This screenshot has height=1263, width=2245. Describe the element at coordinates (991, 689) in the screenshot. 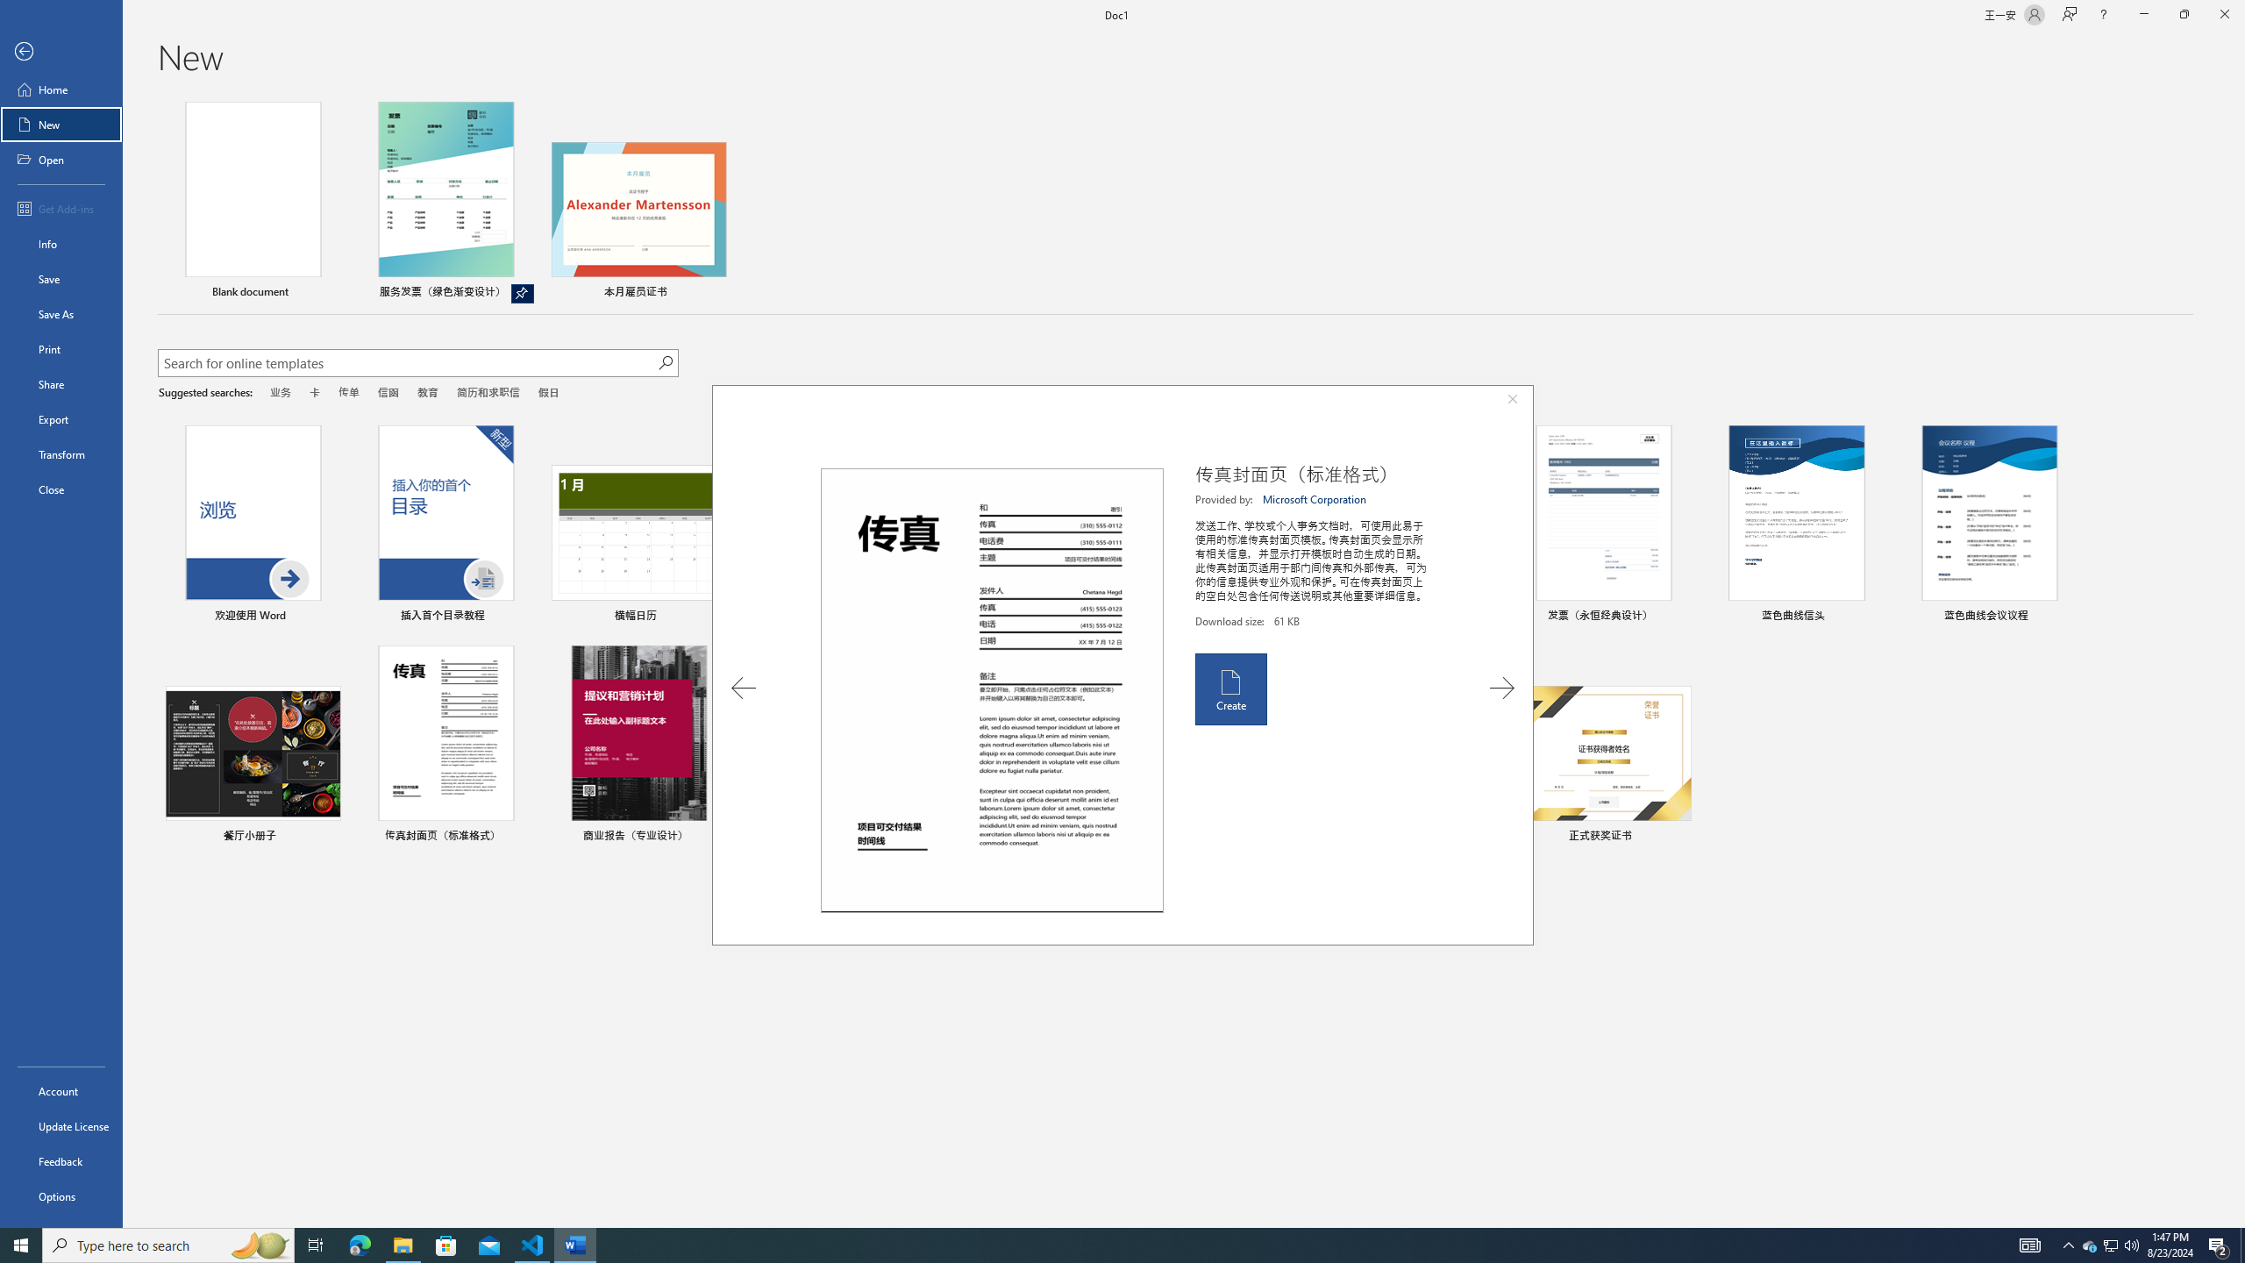

I see `'Preview'` at that location.